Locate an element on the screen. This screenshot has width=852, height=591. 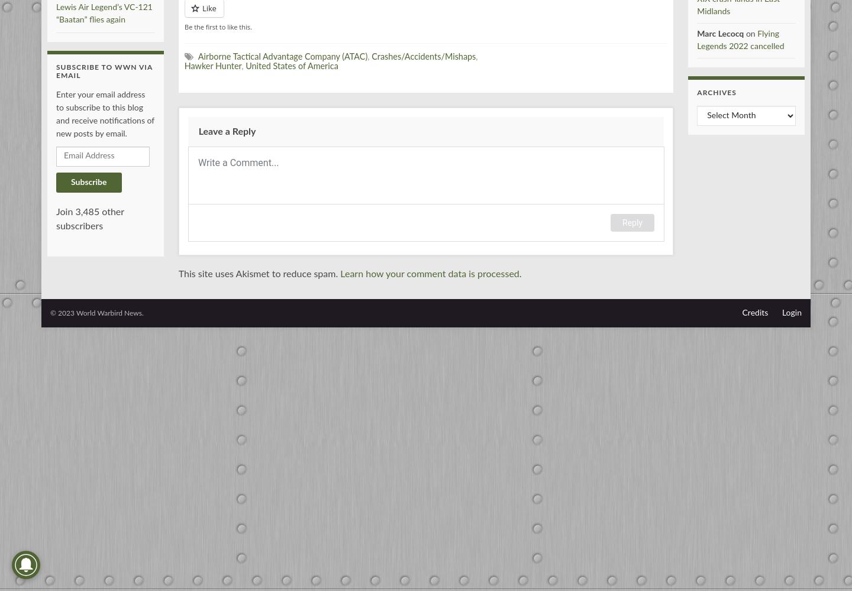
'Lewis Air Legend’s VC-121 “Baatan” flies again' is located at coordinates (103, 13).